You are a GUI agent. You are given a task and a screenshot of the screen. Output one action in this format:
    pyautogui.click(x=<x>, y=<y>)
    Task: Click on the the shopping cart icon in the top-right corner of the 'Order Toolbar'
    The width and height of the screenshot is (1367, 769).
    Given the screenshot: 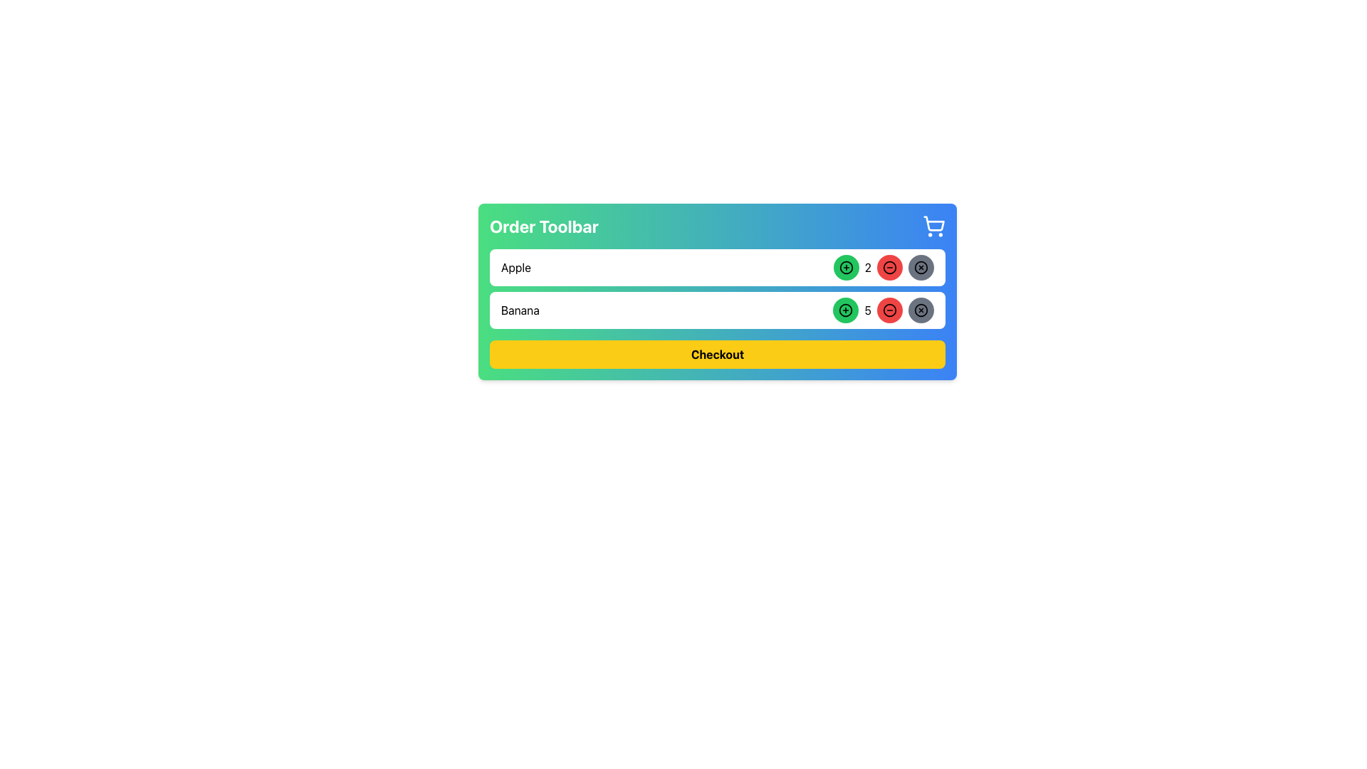 What is the action you would take?
    pyautogui.click(x=933, y=225)
    